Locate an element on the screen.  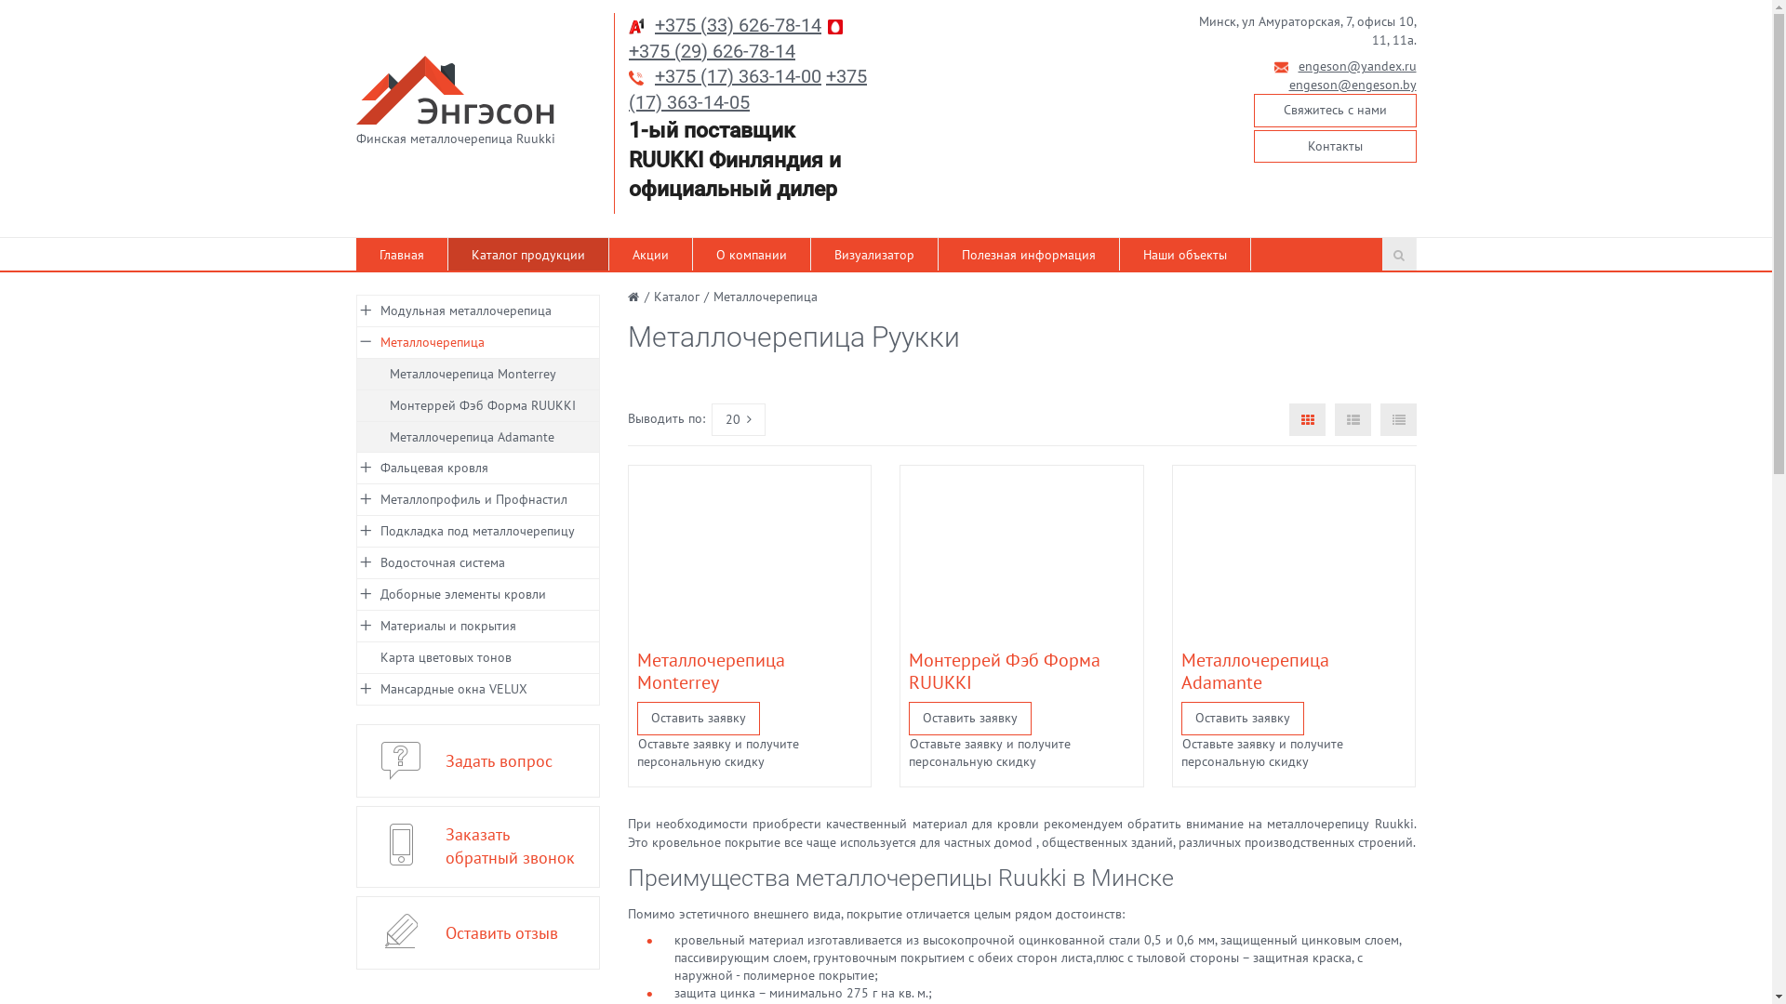
'+375 (17) 363-14-00' is located at coordinates (737, 74).